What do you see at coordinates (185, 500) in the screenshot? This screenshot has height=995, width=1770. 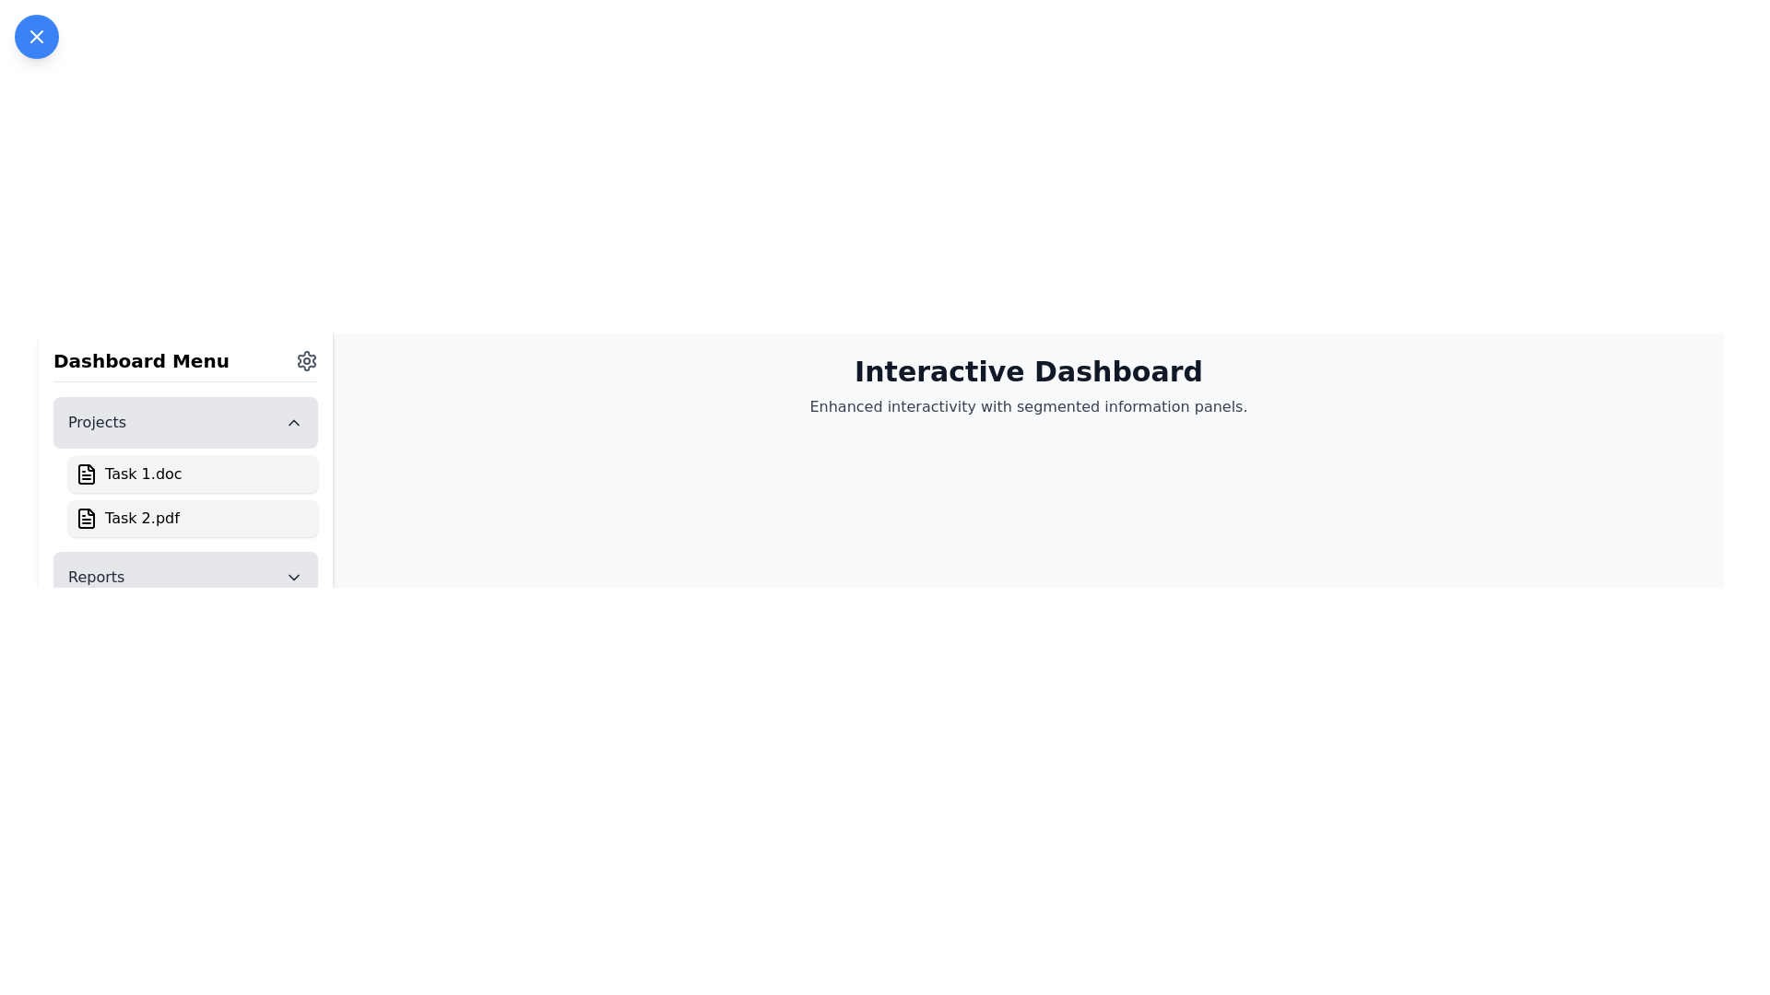 I see `the document labeled 'Task 2.pdf' in the 'Projects' section of the sidebar` at bounding box center [185, 500].